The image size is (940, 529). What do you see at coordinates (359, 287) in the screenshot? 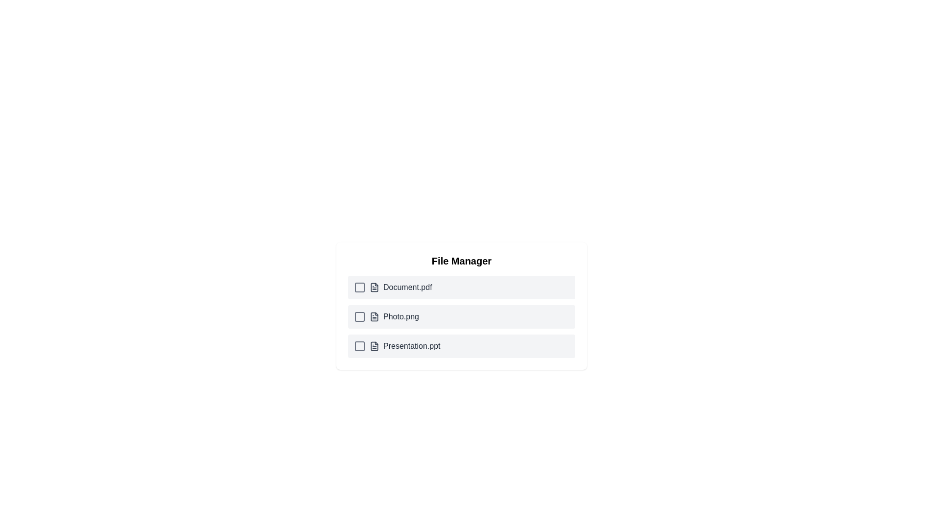
I see `the icon representing the 'Document.pdf' item` at bounding box center [359, 287].